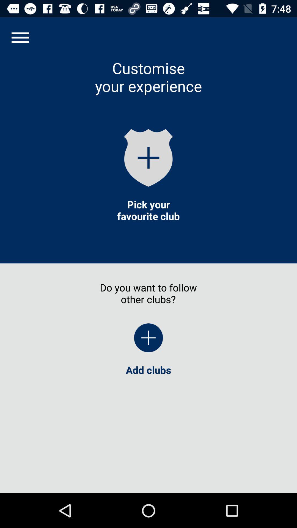 Image resolution: width=297 pixels, height=528 pixels. Describe the element at coordinates (148, 157) in the screenshot. I see `the add icon` at that location.